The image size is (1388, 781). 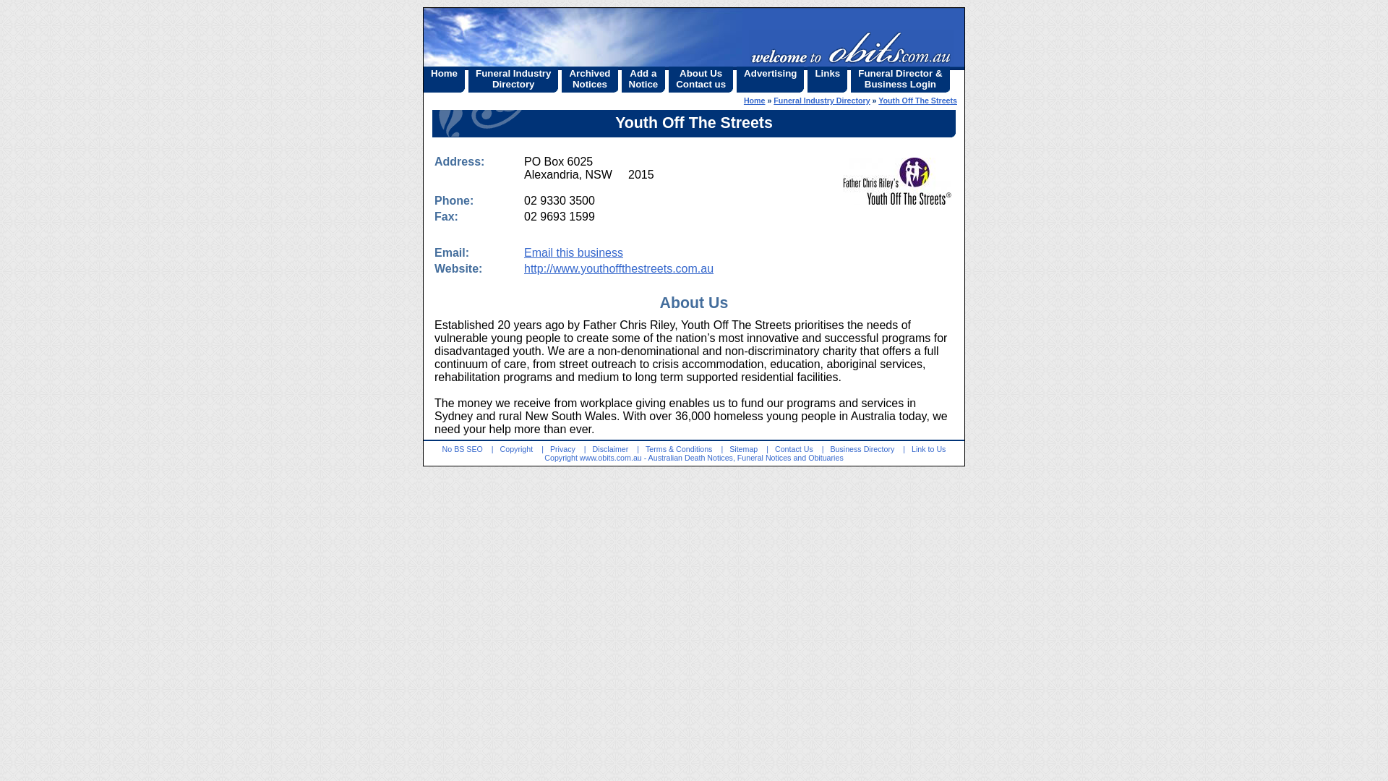 What do you see at coordinates (850, 80) in the screenshot?
I see `'Funeral Director &` at bounding box center [850, 80].